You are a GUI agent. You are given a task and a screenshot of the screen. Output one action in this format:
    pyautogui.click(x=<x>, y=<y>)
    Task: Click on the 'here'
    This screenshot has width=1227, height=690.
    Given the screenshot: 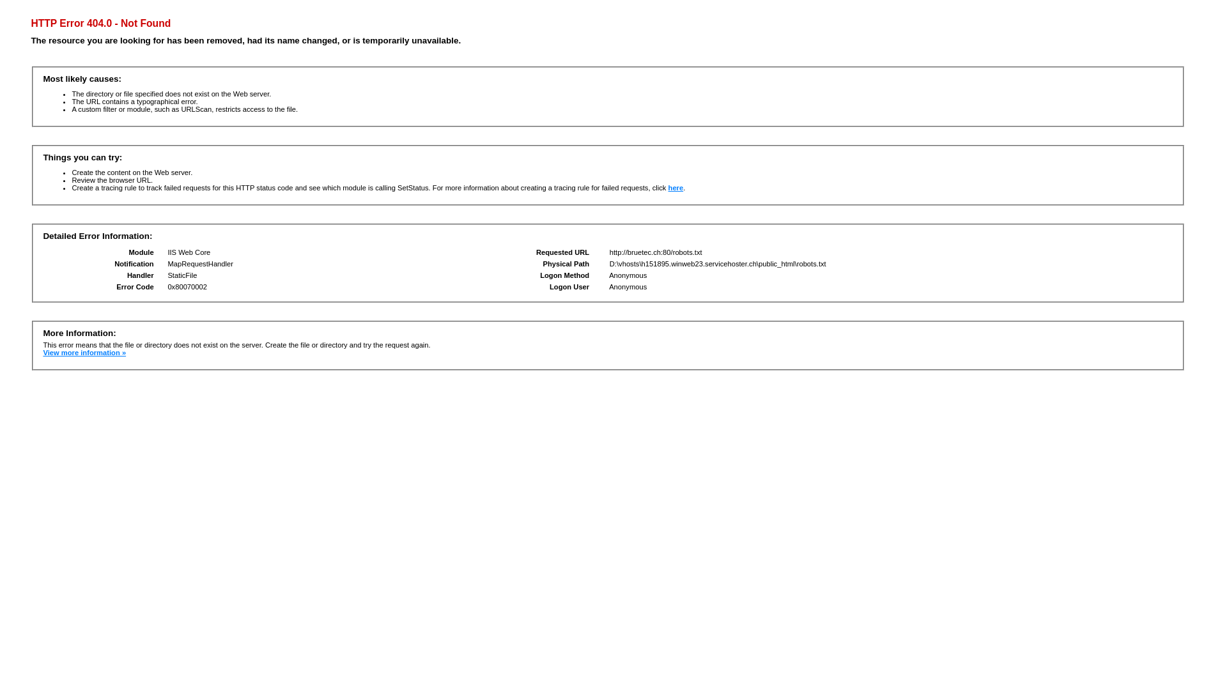 What is the action you would take?
    pyautogui.click(x=668, y=187)
    